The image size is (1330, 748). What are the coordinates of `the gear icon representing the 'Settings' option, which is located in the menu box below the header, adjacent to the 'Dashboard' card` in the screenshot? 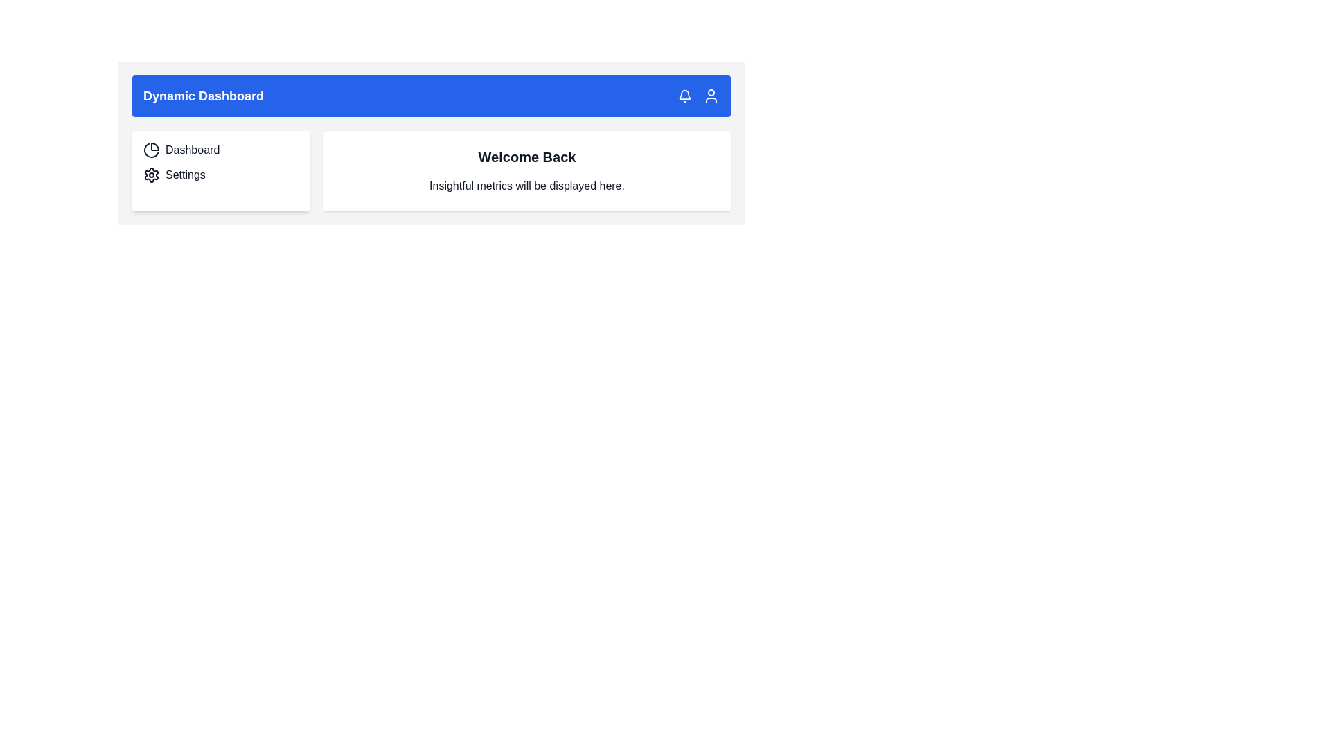 It's located at (152, 175).